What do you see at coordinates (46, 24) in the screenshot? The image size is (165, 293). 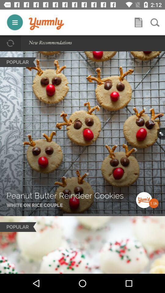 I see `the item above new recommendations` at bounding box center [46, 24].